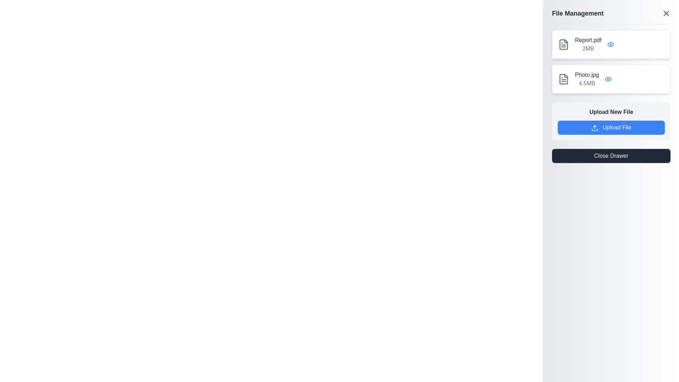 Image resolution: width=679 pixels, height=382 pixels. What do you see at coordinates (611, 111) in the screenshot?
I see `the text label that reads 'Upload New File', which is styled with a bold font and dark gray color, located in the sidebar labeled 'File Management'` at bounding box center [611, 111].